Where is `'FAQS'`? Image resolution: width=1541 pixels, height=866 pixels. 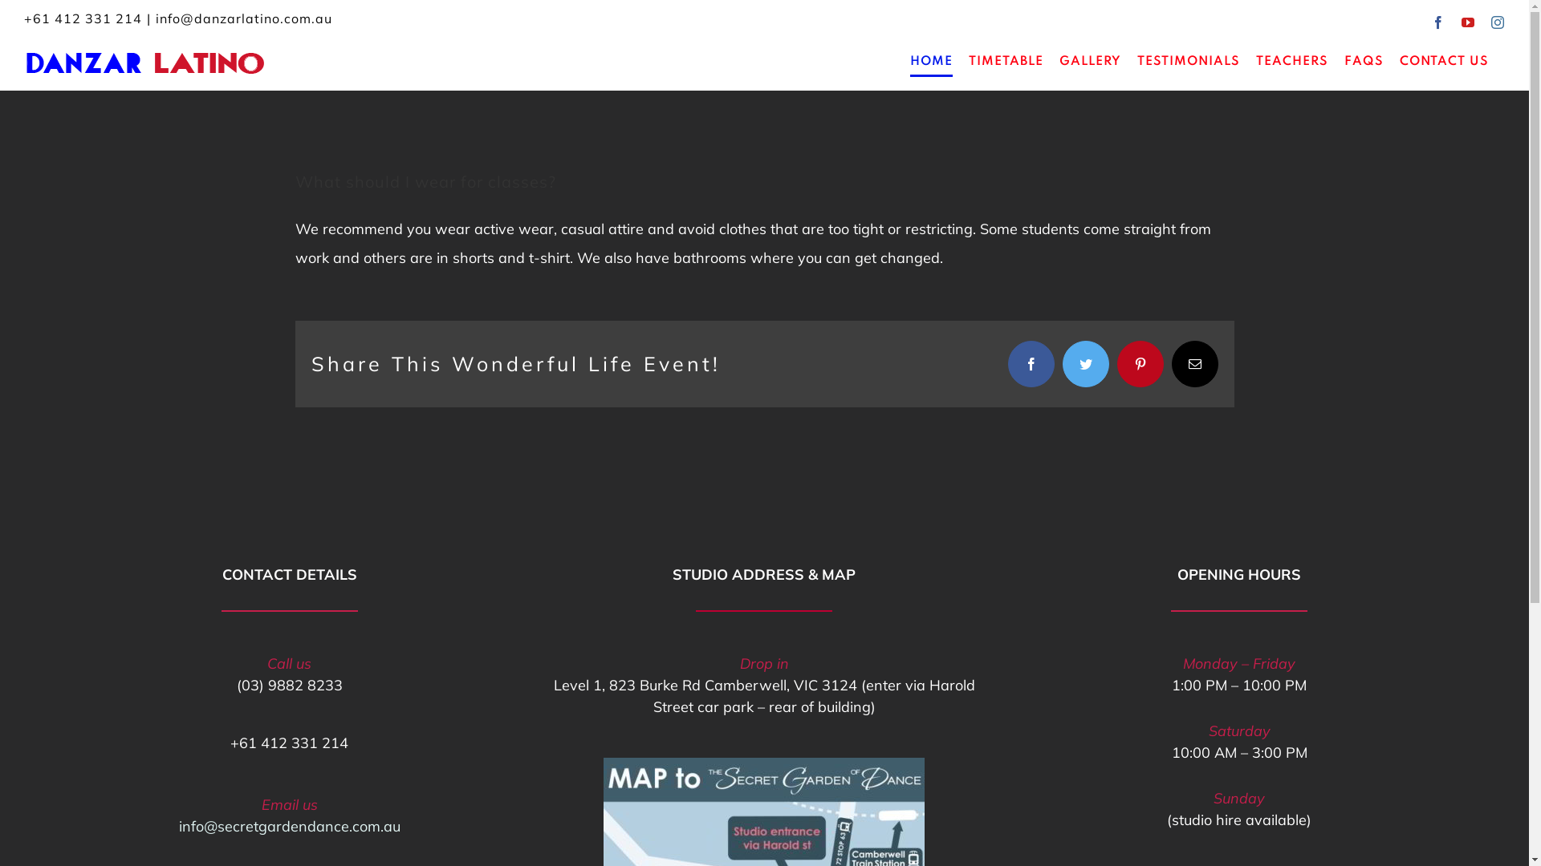 'FAQS' is located at coordinates (1363, 61).